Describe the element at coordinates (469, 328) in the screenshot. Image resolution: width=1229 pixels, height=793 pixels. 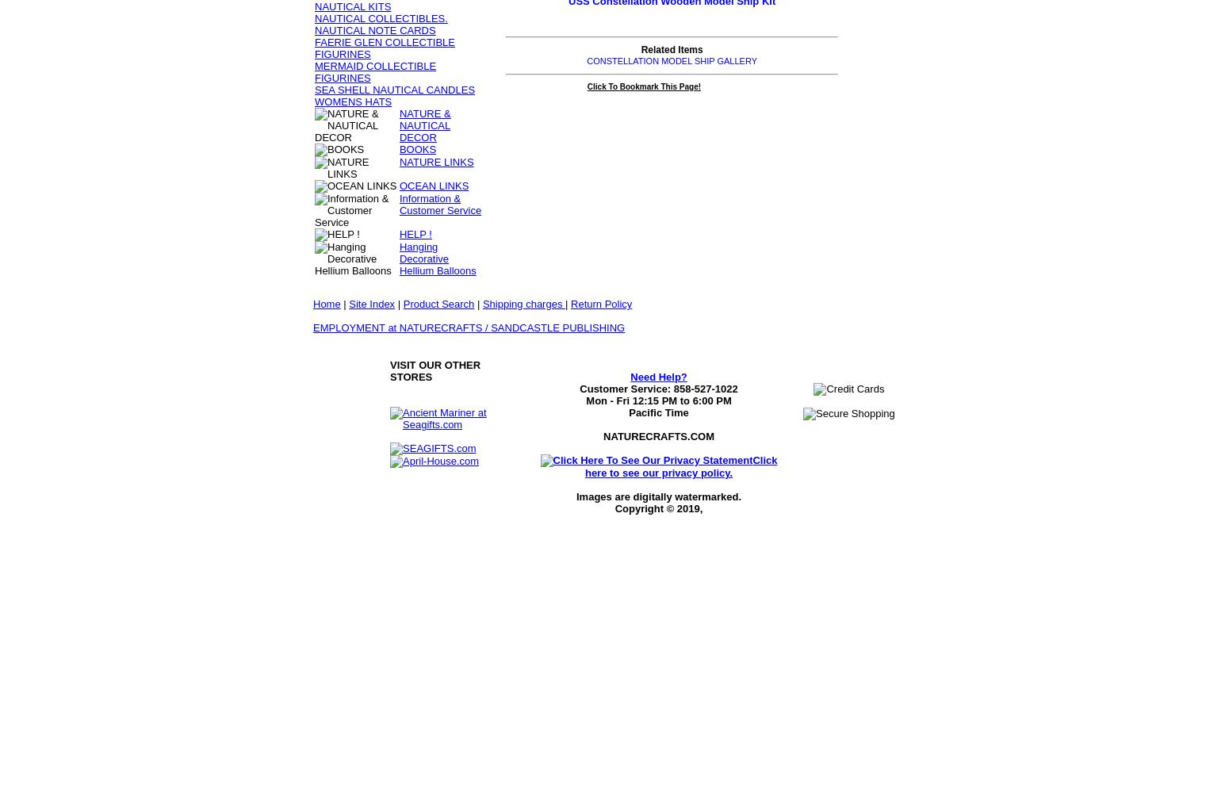
I see `'EMPLOYMENT at NATURECRAFTS / SANDCASTLE PUBLISHING'` at that location.